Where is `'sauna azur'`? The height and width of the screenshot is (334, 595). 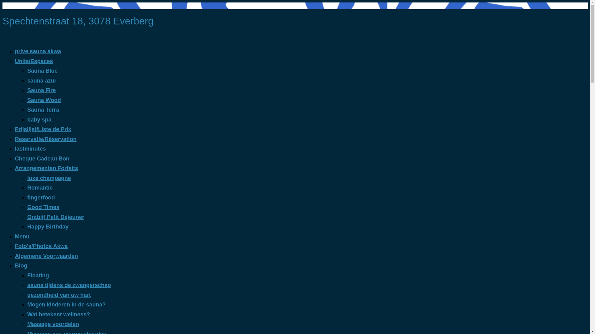 'sauna azur' is located at coordinates (41, 80).